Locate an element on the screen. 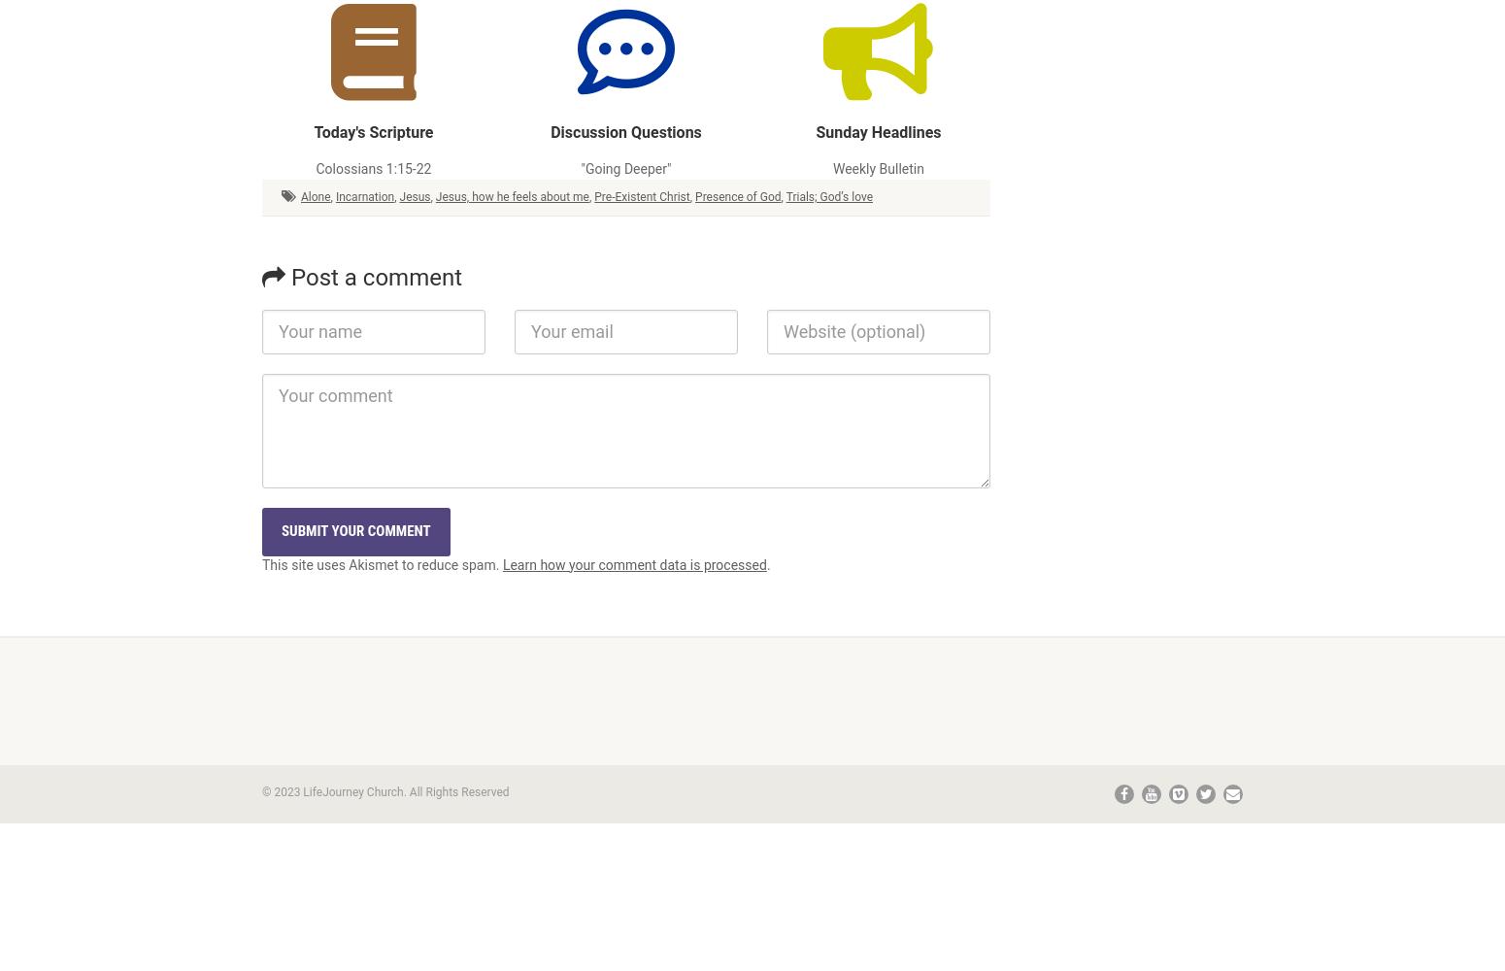  'Weekly Bulletin' is located at coordinates (878, 169).